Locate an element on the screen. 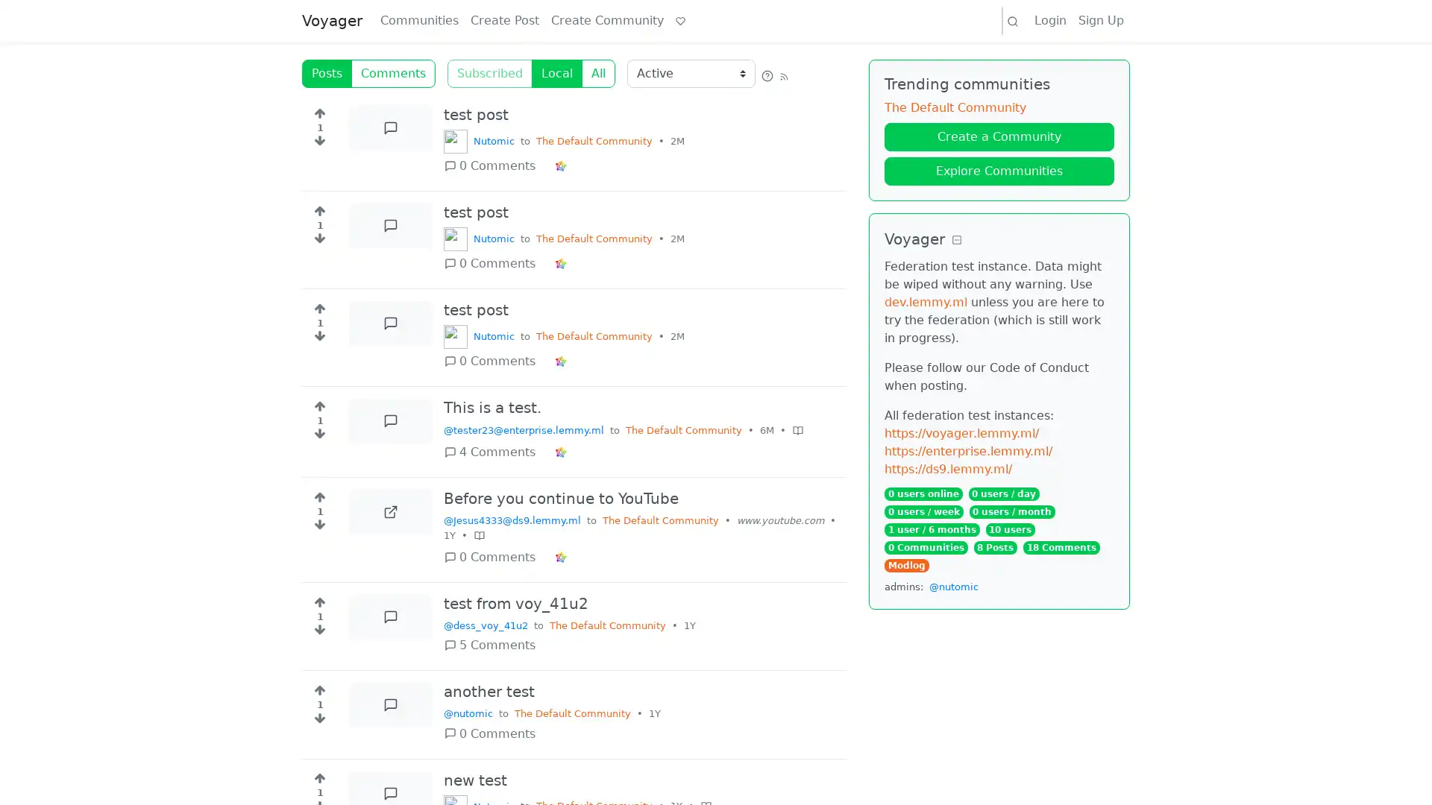  Downvote is located at coordinates (318, 527).